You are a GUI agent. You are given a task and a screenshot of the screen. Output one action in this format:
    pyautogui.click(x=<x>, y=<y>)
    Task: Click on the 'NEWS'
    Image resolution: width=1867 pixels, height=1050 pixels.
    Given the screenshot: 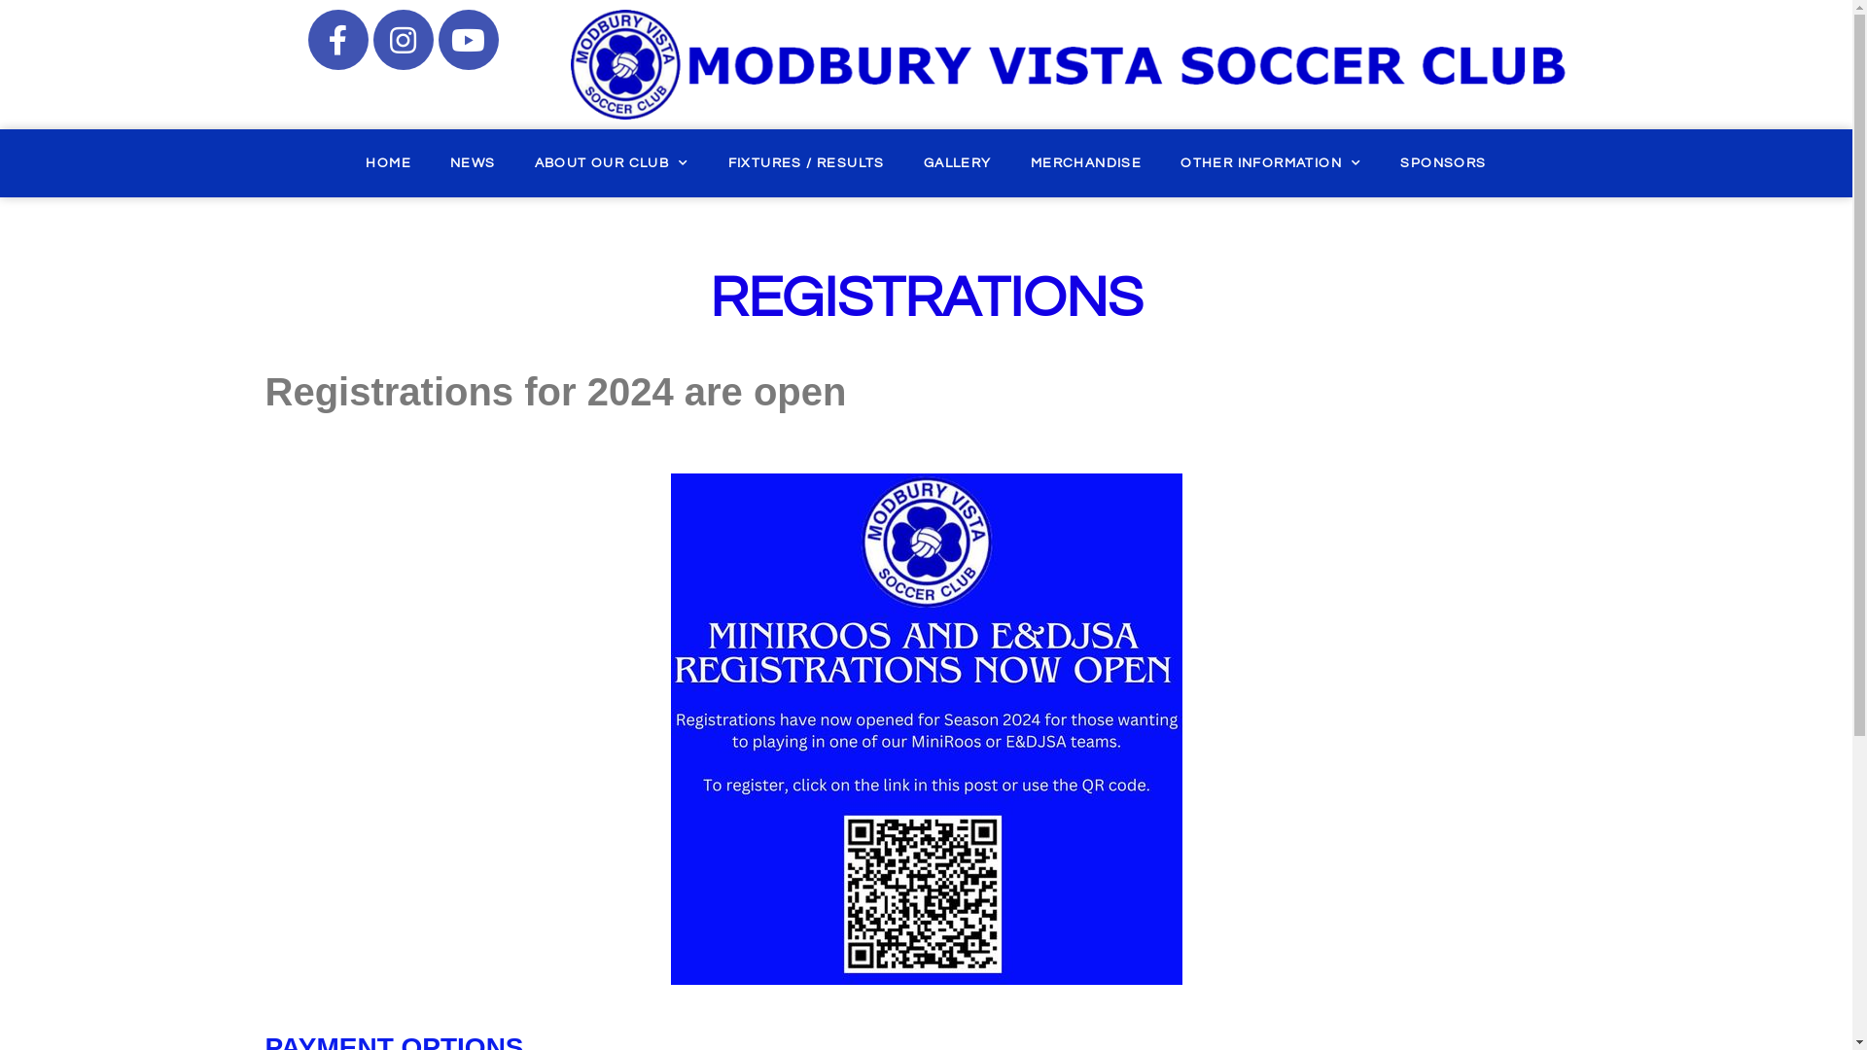 What is the action you would take?
    pyautogui.click(x=473, y=162)
    